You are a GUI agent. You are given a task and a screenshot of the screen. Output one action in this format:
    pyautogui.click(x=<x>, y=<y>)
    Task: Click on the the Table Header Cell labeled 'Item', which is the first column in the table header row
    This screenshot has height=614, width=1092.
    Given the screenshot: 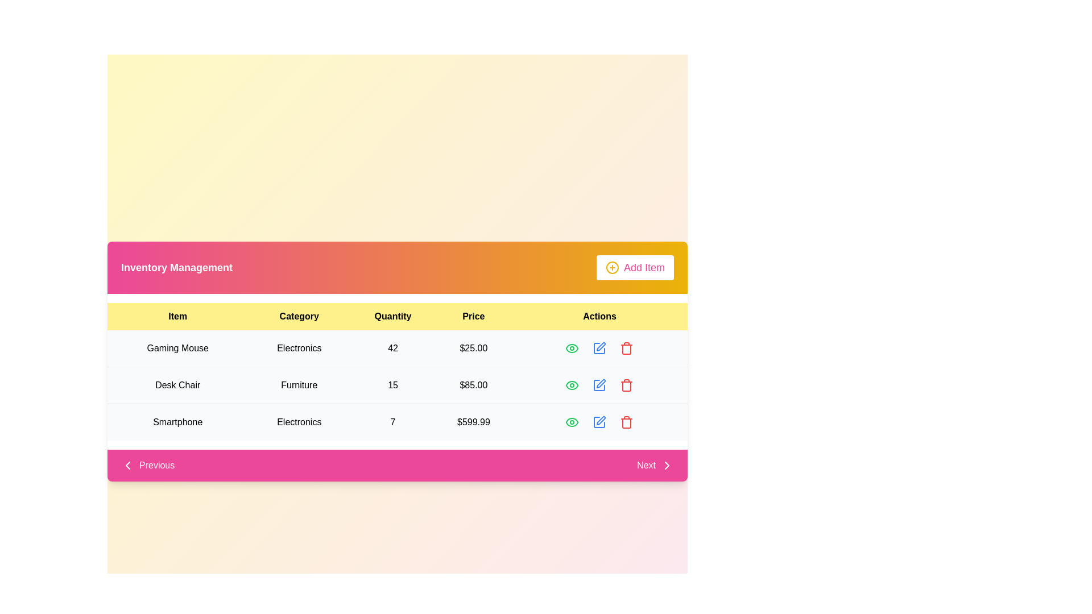 What is the action you would take?
    pyautogui.click(x=177, y=316)
    